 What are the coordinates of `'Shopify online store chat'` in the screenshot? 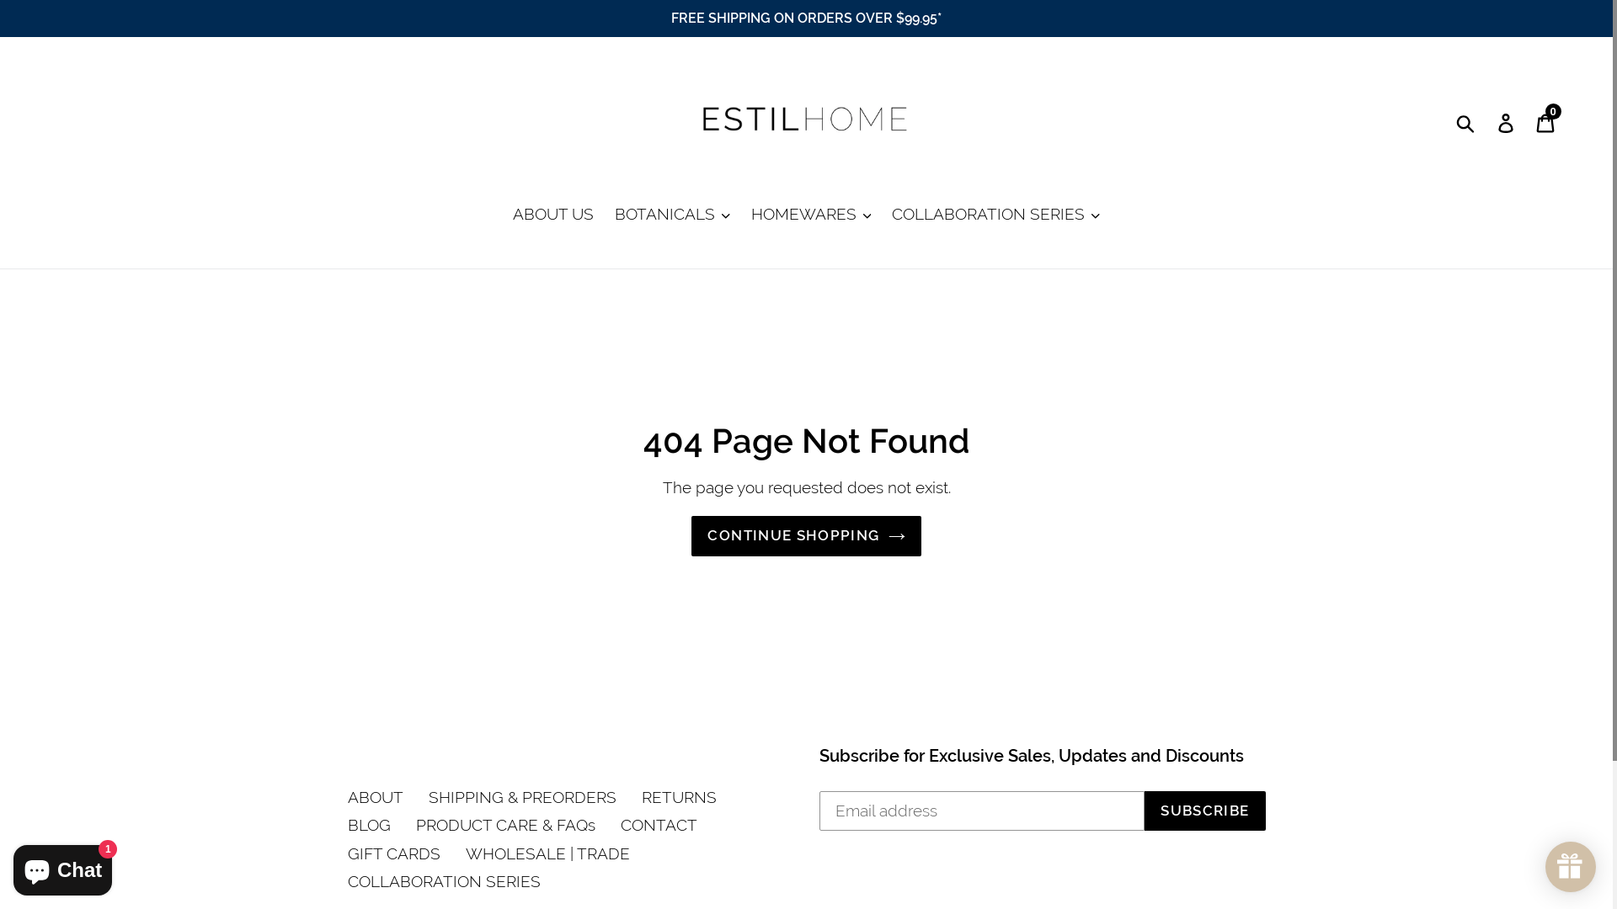 It's located at (62, 866).